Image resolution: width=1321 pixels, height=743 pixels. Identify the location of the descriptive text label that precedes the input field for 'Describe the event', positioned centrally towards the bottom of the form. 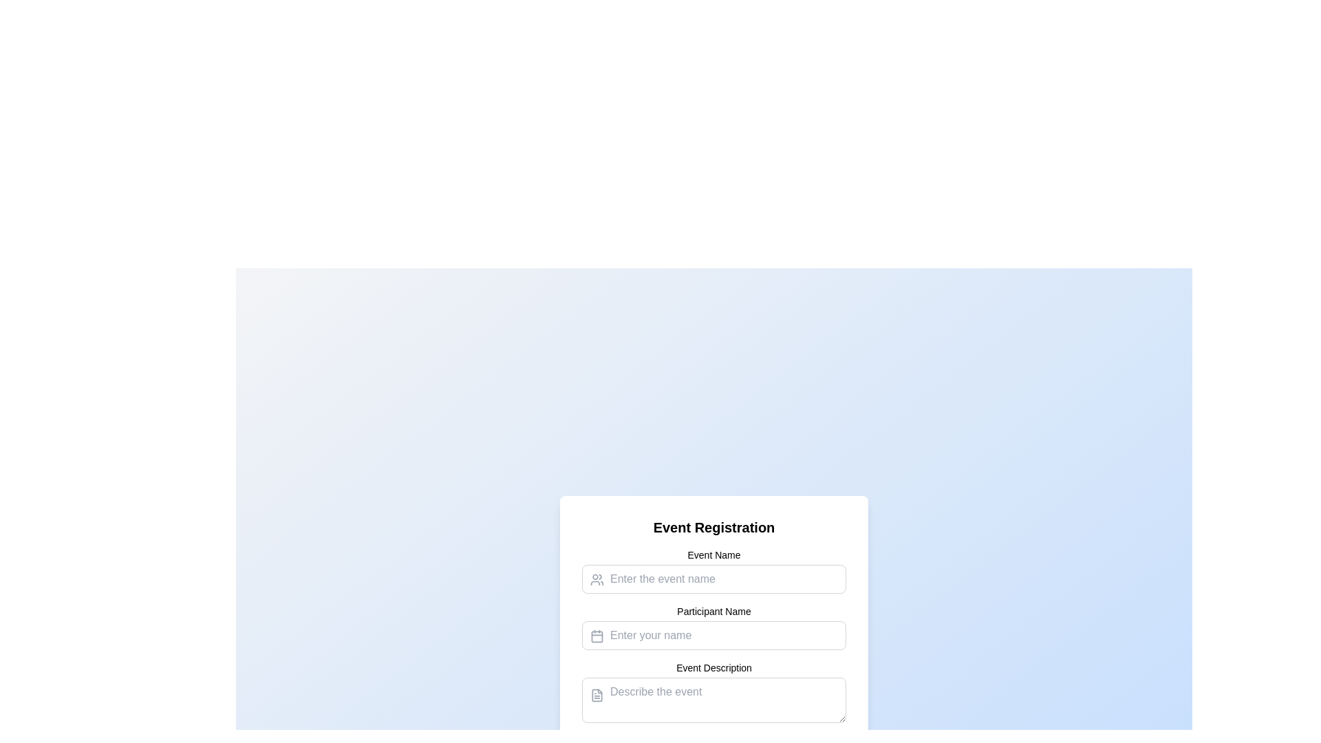
(713, 667).